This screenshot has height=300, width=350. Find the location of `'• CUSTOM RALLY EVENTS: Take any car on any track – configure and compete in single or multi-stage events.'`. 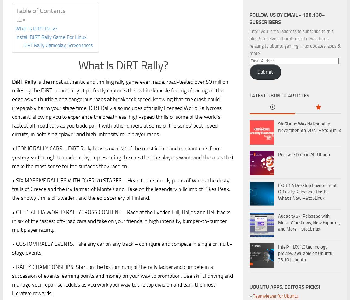

'• CUSTOM RALLY EVENTS: Take any car on any track – configure and compete in single or multi-stage events.' is located at coordinates (122, 248).